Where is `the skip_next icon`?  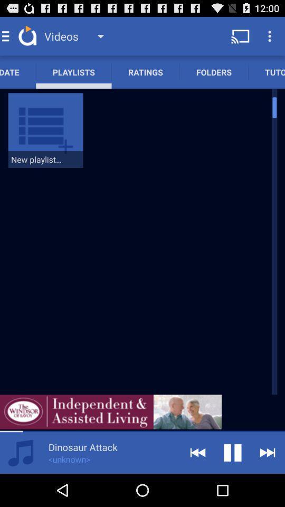 the skip_next icon is located at coordinates (268, 484).